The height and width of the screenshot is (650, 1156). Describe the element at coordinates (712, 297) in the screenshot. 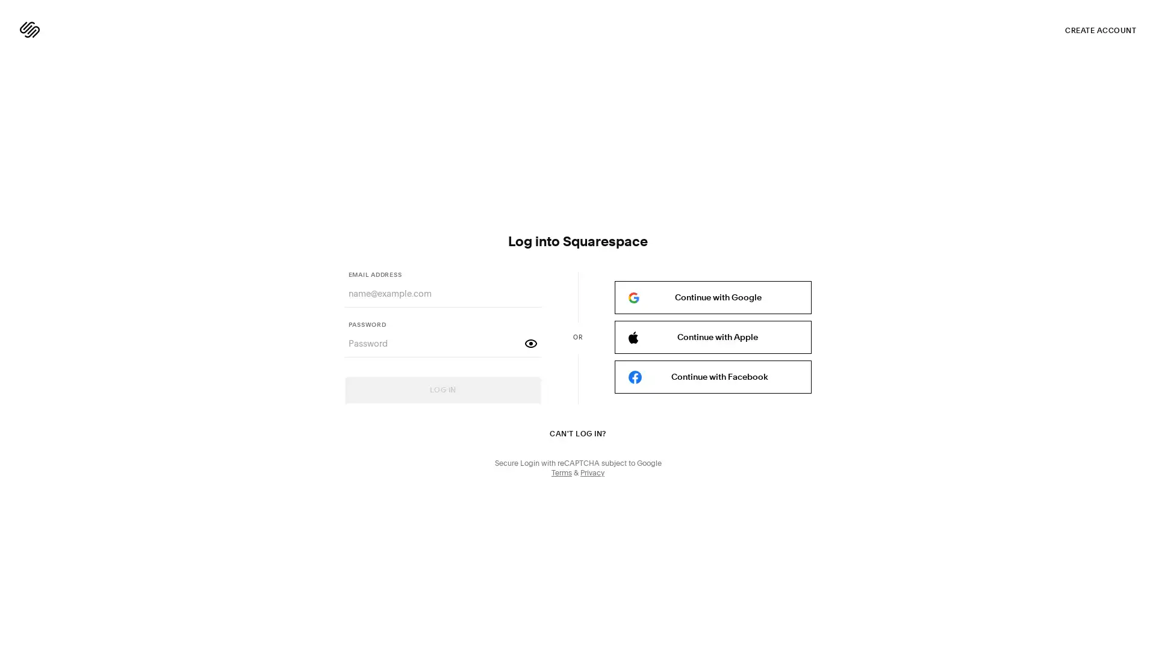

I see `Continue with Google` at that location.